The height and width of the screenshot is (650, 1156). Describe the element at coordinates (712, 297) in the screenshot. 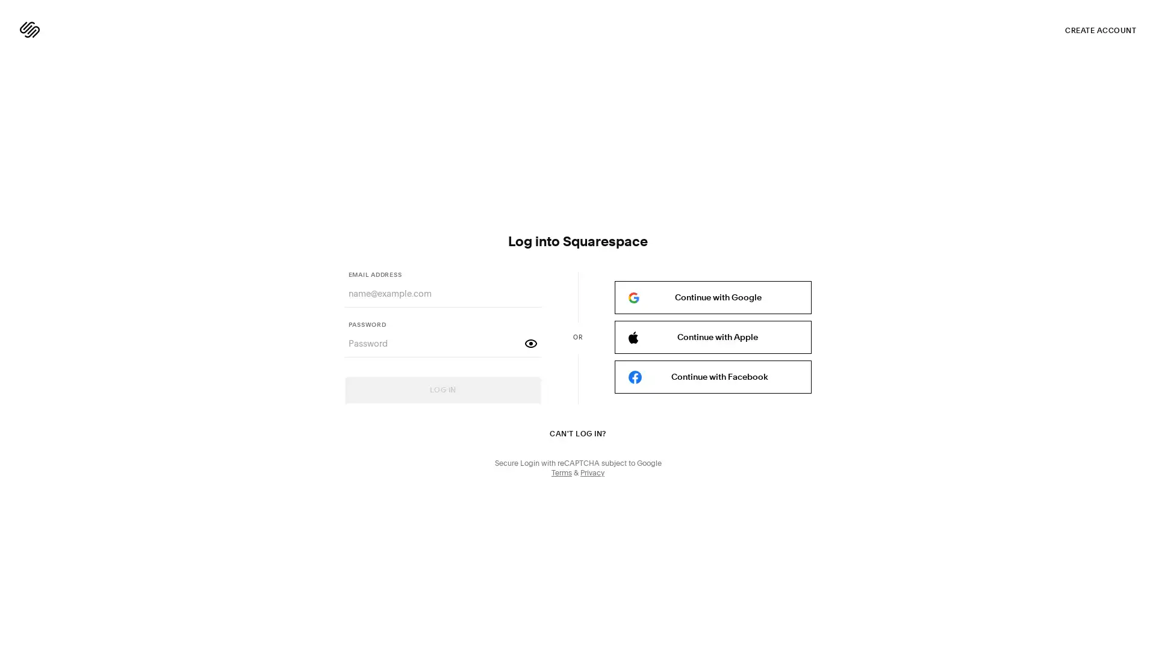

I see `Continue with Google` at that location.